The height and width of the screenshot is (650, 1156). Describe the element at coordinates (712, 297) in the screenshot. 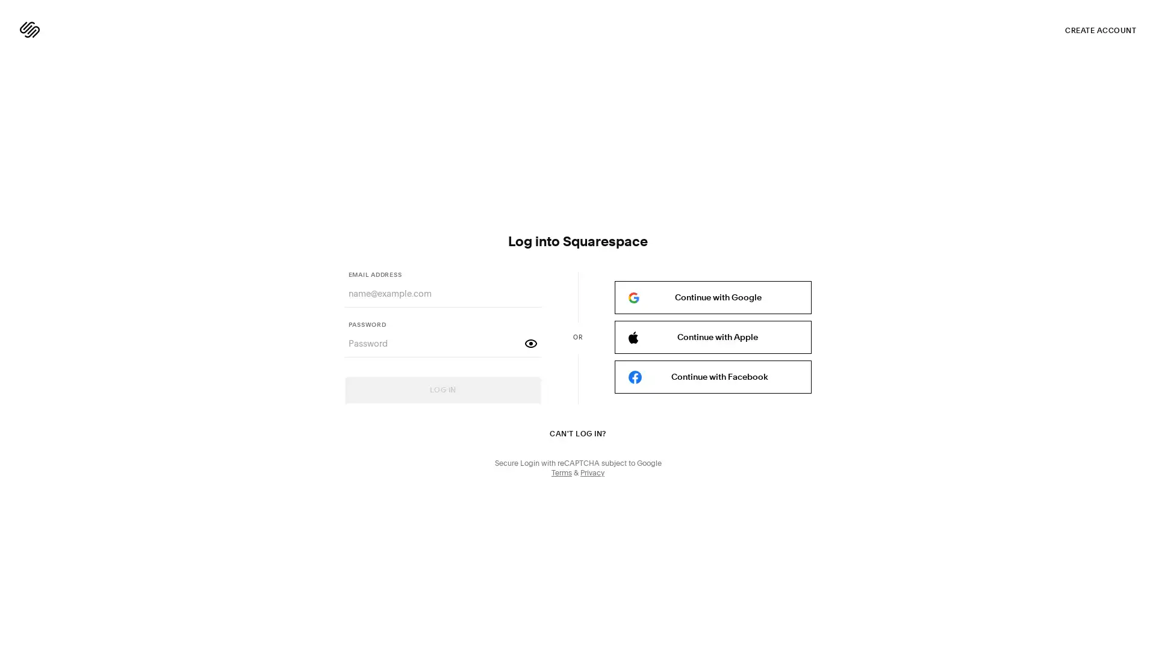

I see `Continue with Google` at that location.